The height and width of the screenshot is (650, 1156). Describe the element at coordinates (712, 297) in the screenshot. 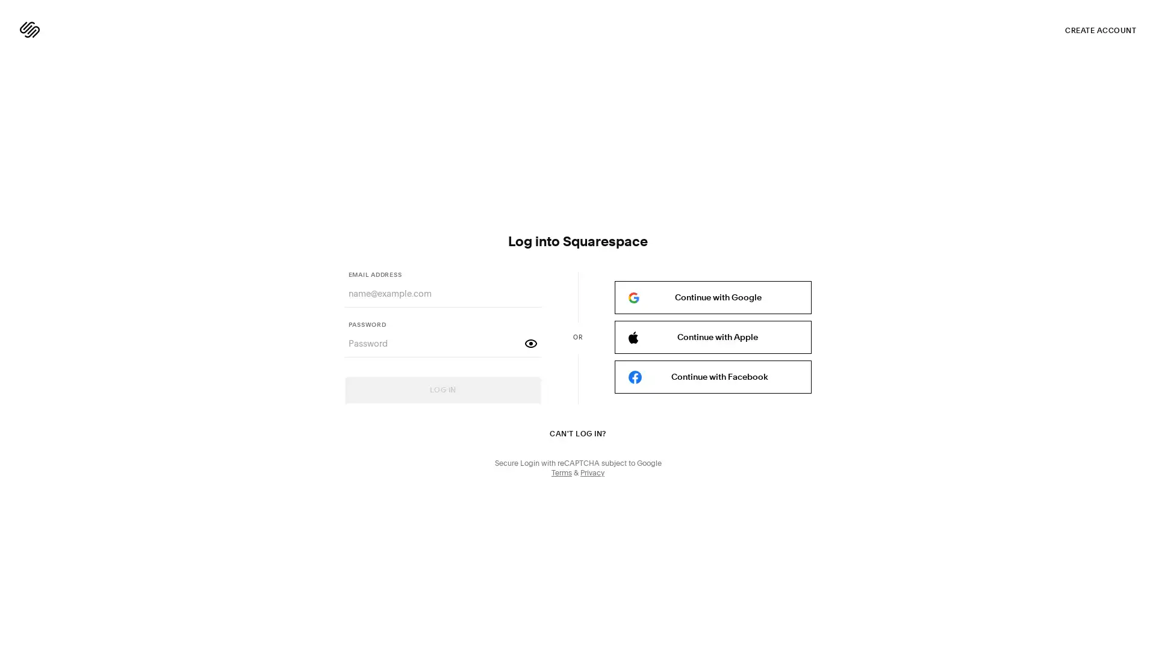

I see `Continue with Google` at that location.